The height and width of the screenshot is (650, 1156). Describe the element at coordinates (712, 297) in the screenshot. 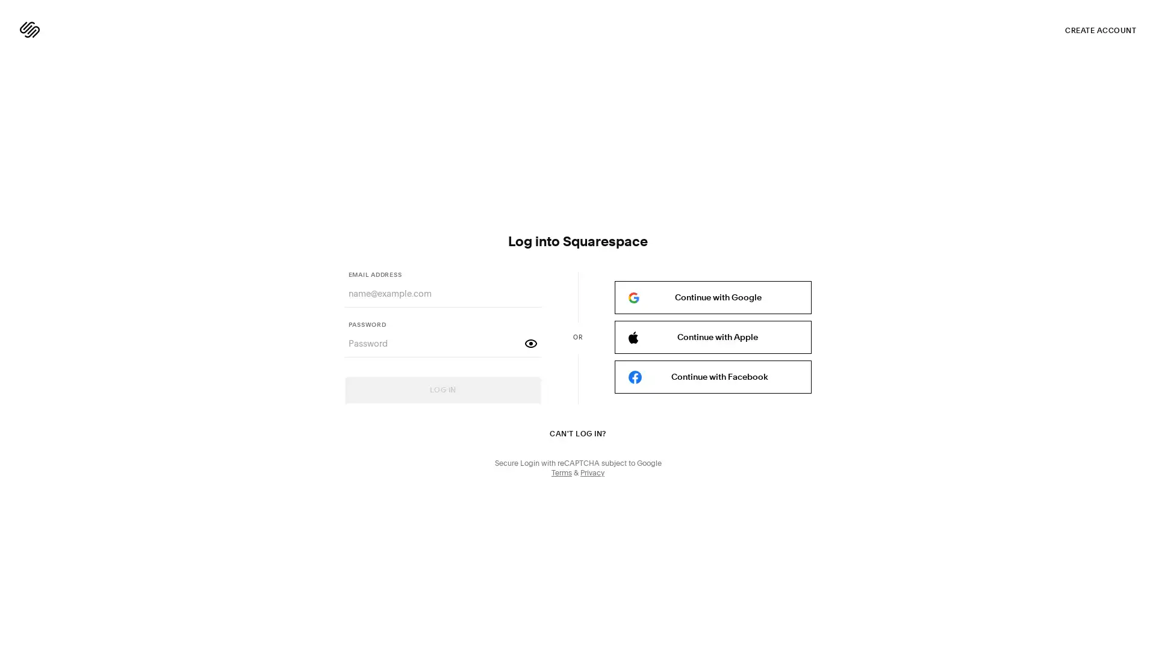

I see `Continue with Google` at that location.